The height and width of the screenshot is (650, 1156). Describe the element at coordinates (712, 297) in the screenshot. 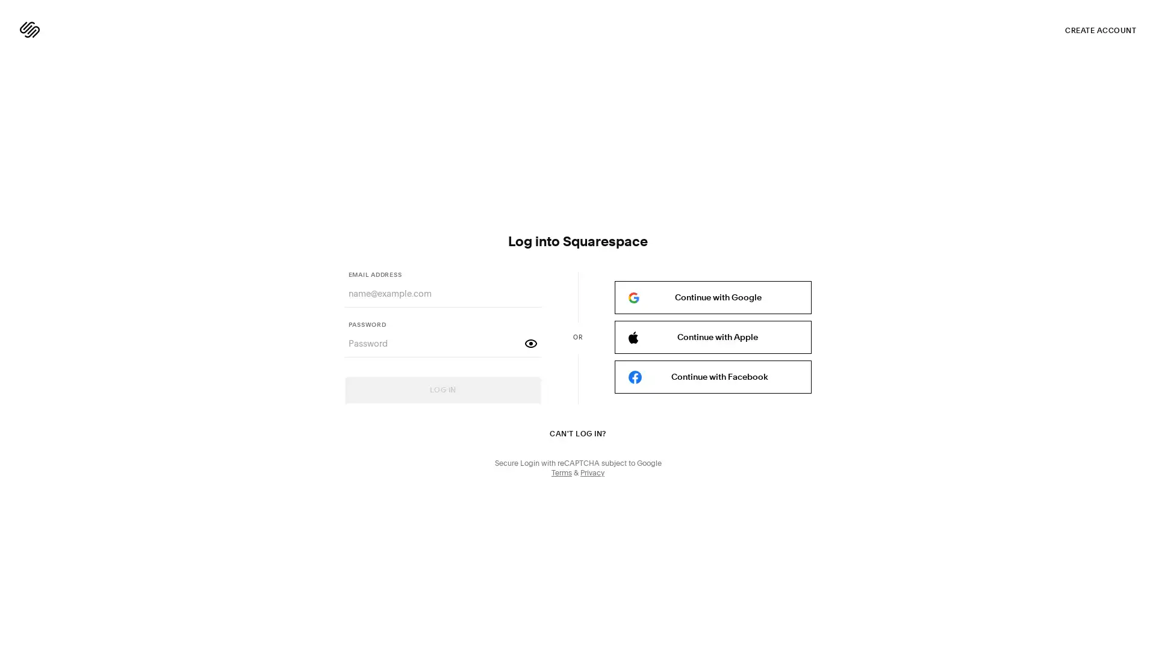

I see `Continue with Google` at that location.